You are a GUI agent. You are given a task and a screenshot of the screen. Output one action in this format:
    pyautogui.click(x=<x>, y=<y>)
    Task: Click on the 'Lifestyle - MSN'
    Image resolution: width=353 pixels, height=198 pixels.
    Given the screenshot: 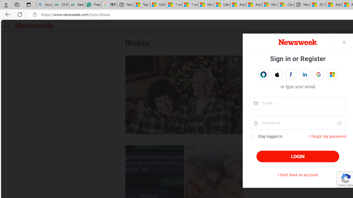 What is the action you would take?
    pyautogui.click(x=222, y=5)
    